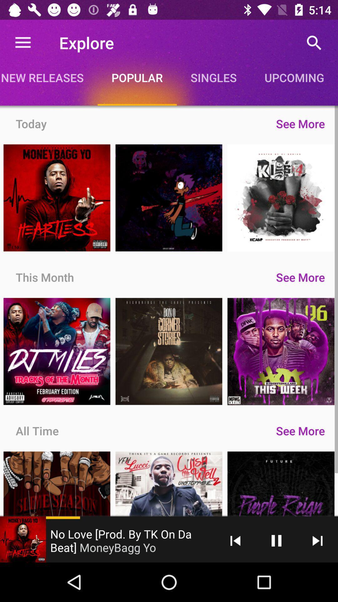  What do you see at coordinates (48, 77) in the screenshot?
I see `new releases icon` at bounding box center [48, 77].